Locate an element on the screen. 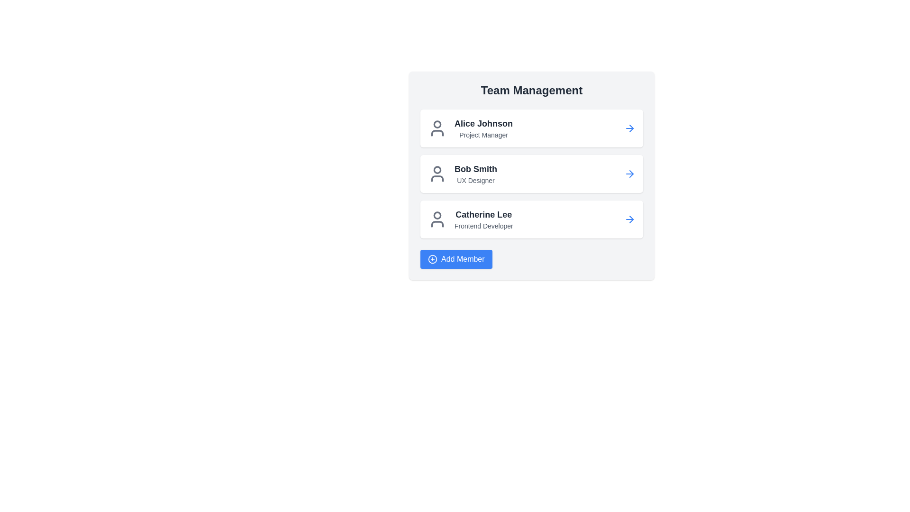  the second entry in the 'Team Management' section, which displays details of a team member, located between 'Alice Johnson, Project Manager' and 'Catherine Lee, Frontend Developer' is located at coordinates (532, 175).